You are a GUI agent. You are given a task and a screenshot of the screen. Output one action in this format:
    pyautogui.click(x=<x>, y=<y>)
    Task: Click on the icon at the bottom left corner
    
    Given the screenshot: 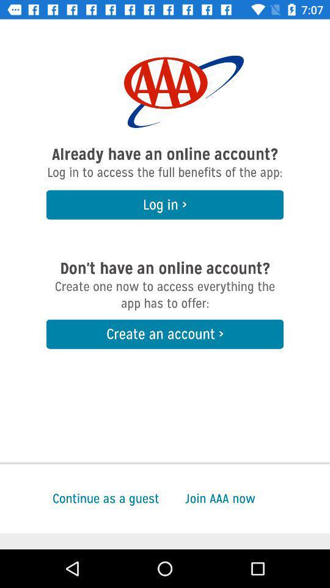 What is the action you would take?
    pyautogui.click(x=79, y=499)
    